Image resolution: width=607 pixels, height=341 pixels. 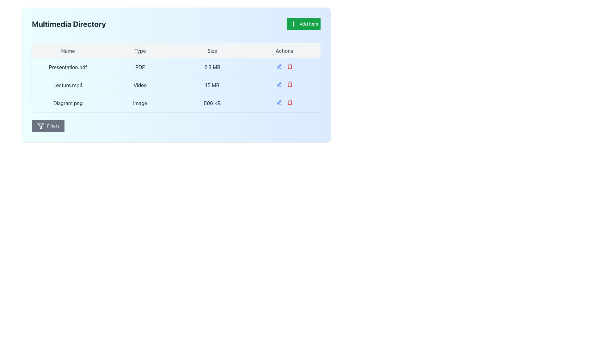 What do you see at coordinates (140, 67) in the screenshot?
I see `the Text label indicating the type of the file in the second column of the first row, which indicates a PDF document` at bounding box center [140, 67].